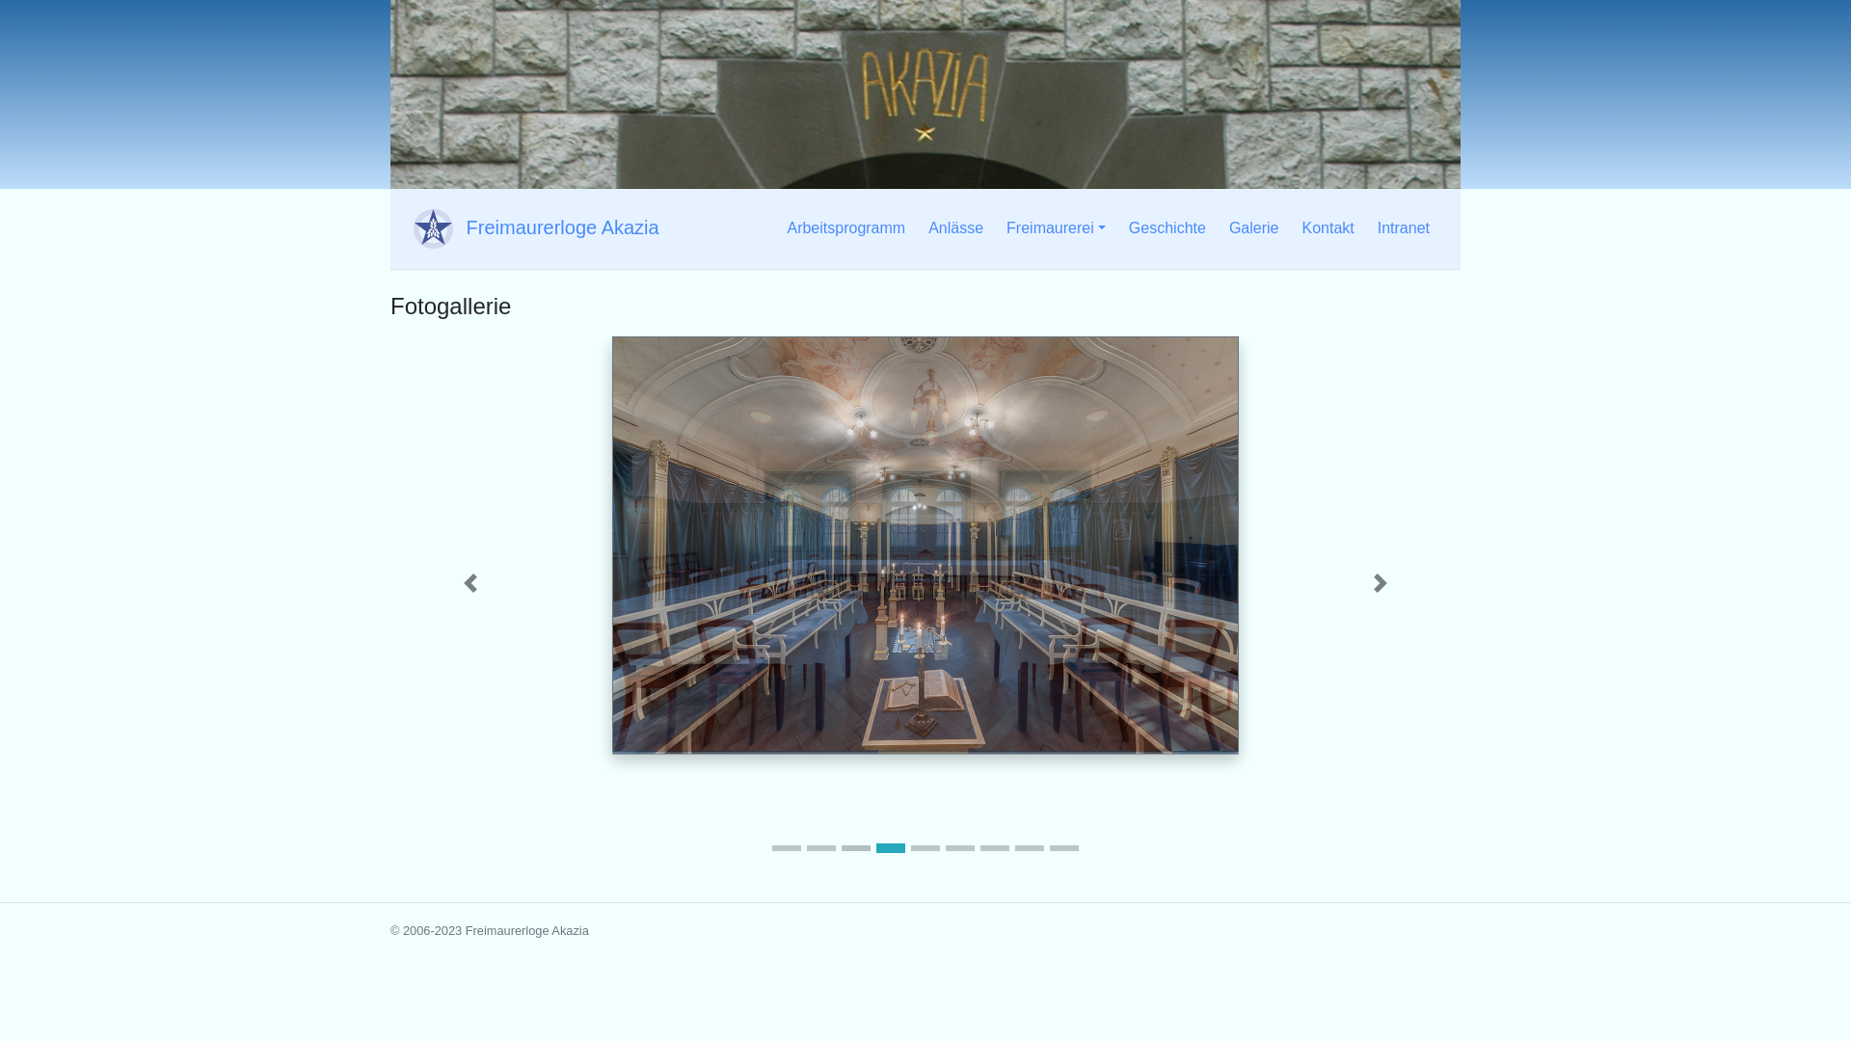 The image size is (1851, 1041). What do you see at coordinates (1055, 227) in the screenshot?
I see `'Freimaurerei'` at bounding box center [1055, 227].